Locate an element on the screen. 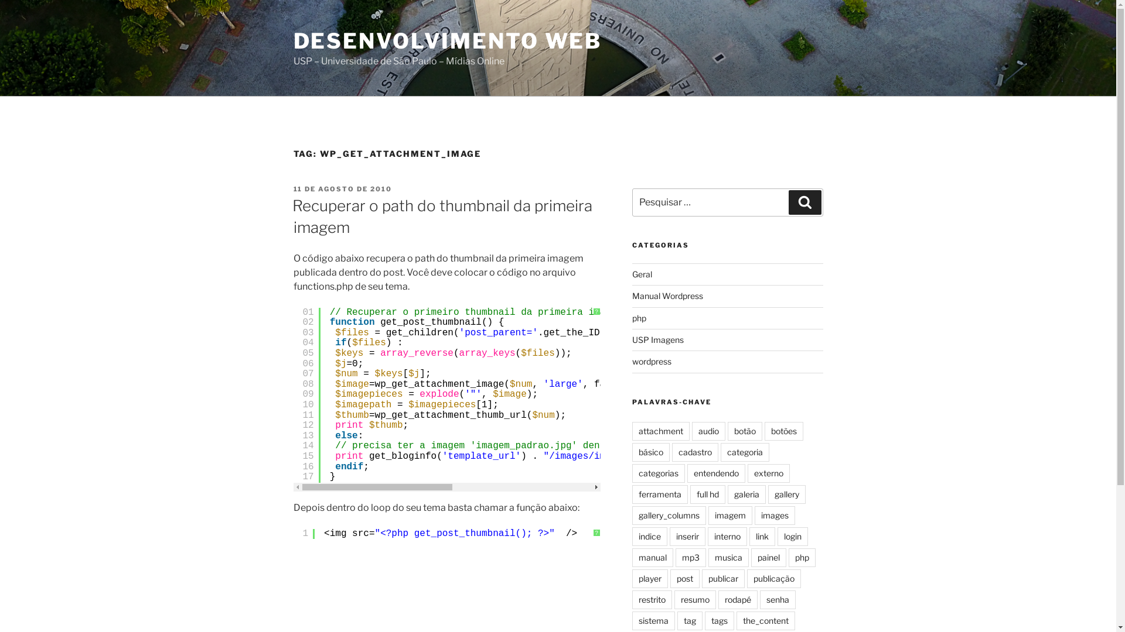 This screenshot has width=1125, height=632. 'gallery' is located at coordinates (787, 494).